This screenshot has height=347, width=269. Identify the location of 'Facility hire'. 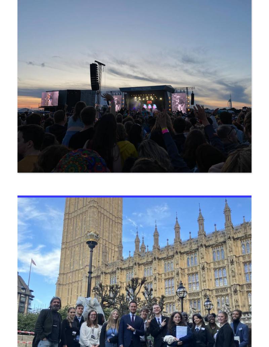
(36, 141).